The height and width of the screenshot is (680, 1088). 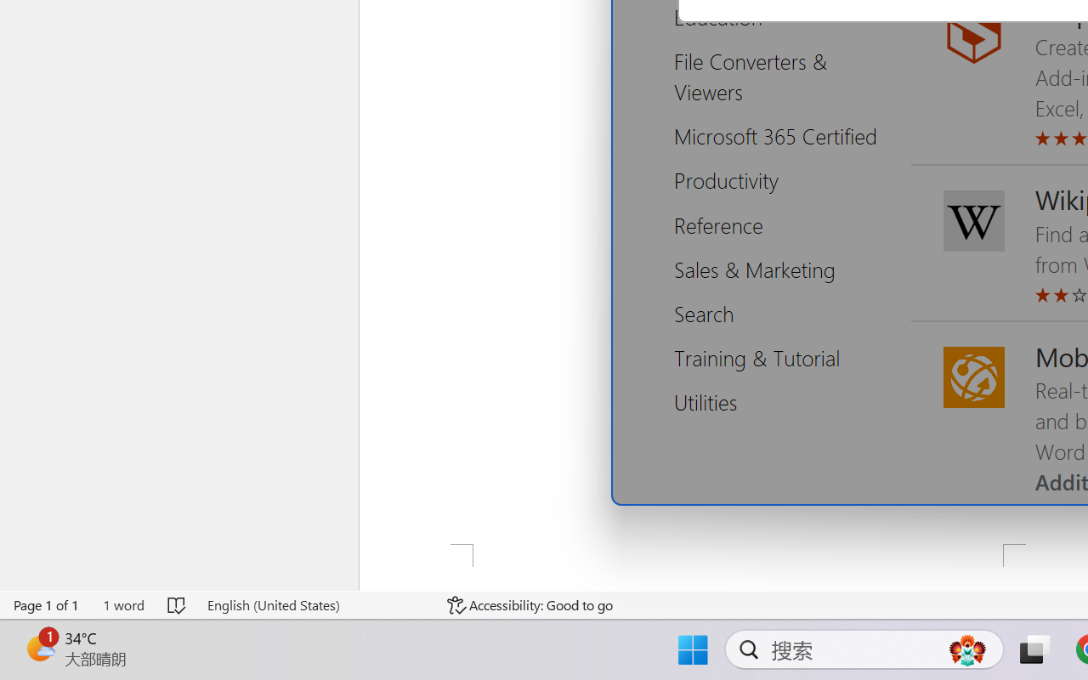 What do you see at coordinates (47, 604) in the screenshot?
I see `'Page Number Page 1 of 1'` at bounding box center [47, 604].